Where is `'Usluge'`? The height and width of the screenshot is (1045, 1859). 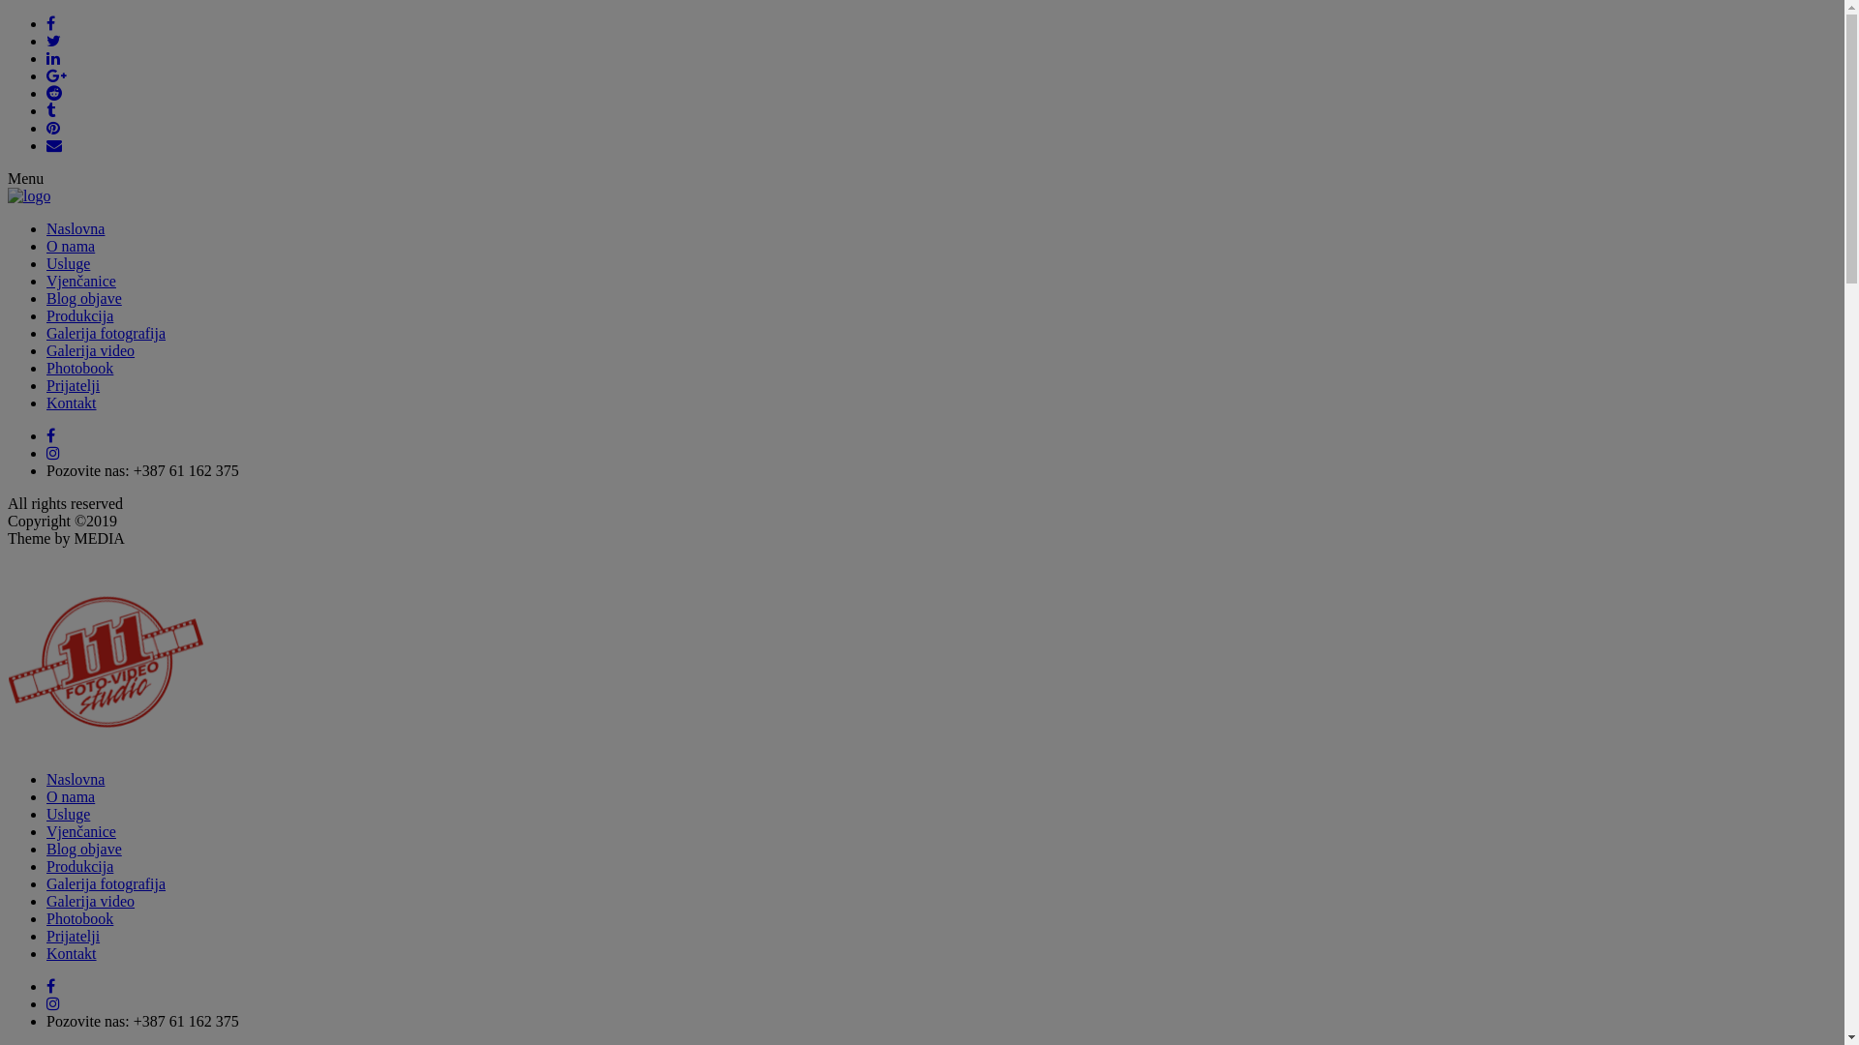
'Usluge' is located at coordinates (68, 263).